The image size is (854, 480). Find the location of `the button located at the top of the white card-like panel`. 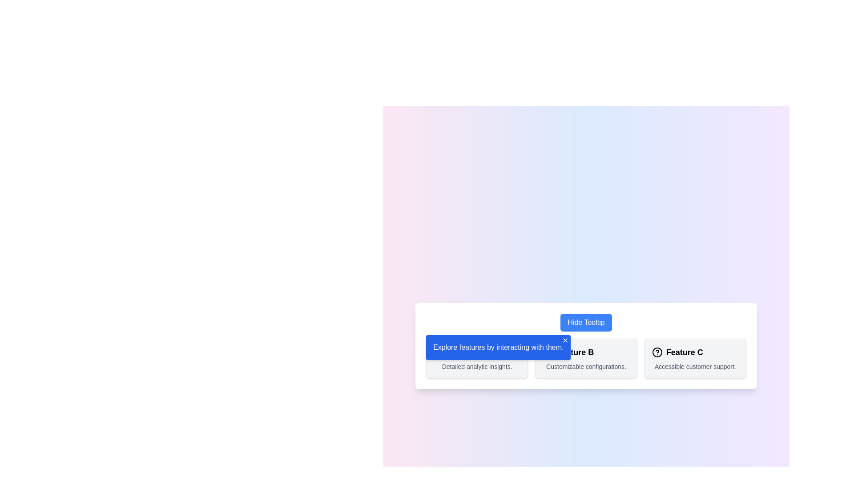

the button located at the top of the white card-like panel is located at coordinates (586, 322).